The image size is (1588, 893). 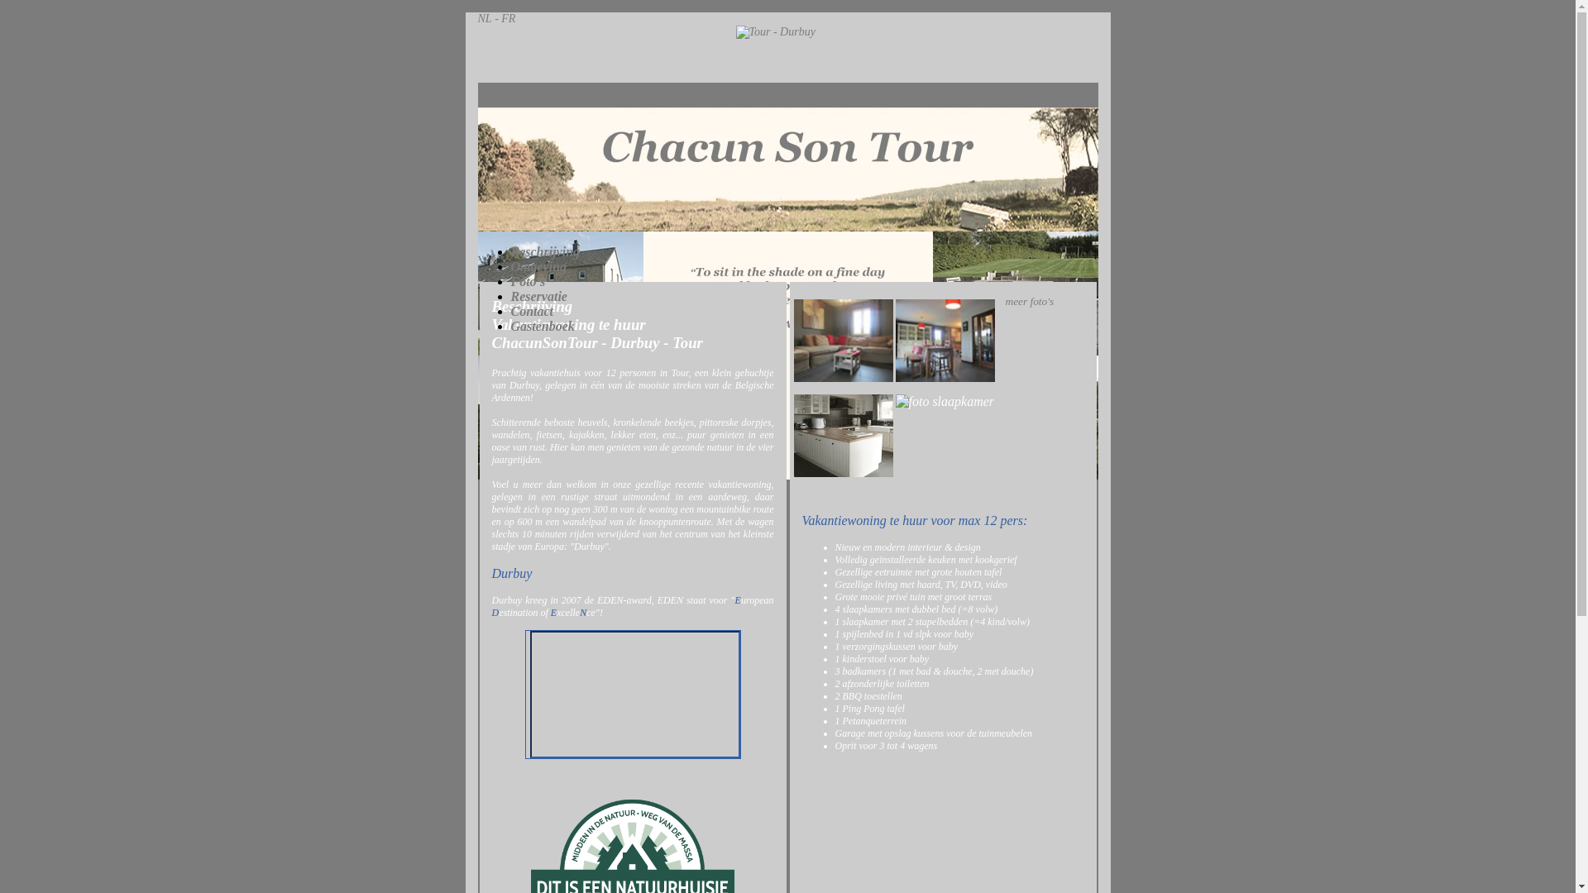 I want to click on 'meer foto's', so click(x=1029, y=301).